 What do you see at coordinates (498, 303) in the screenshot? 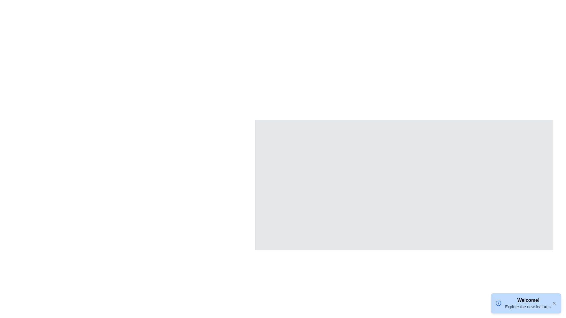
I see `the informational icon located on the left side of the notification panel containing the text 'Welcome!' and 'Explore the new features.'` at bounding box center [498, 303].